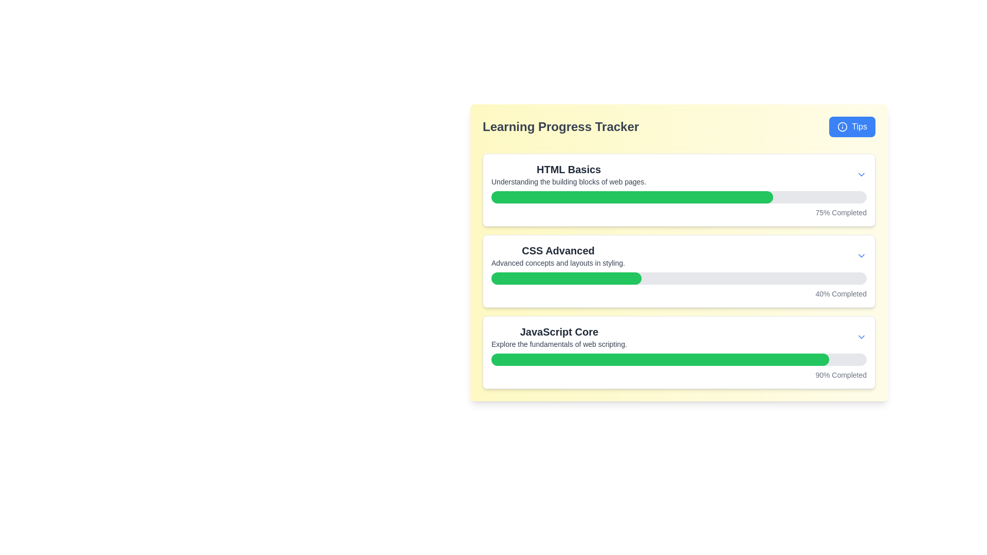 The height and width of the screenshot is (555, 987). What do you see at coordinates (566, 279) in the screenshot?
I see `the Progress bar that displays the completion status of the 'CSS Advanced' module in the Learning Progress Tracker interface` at bounding box center [566, 279].